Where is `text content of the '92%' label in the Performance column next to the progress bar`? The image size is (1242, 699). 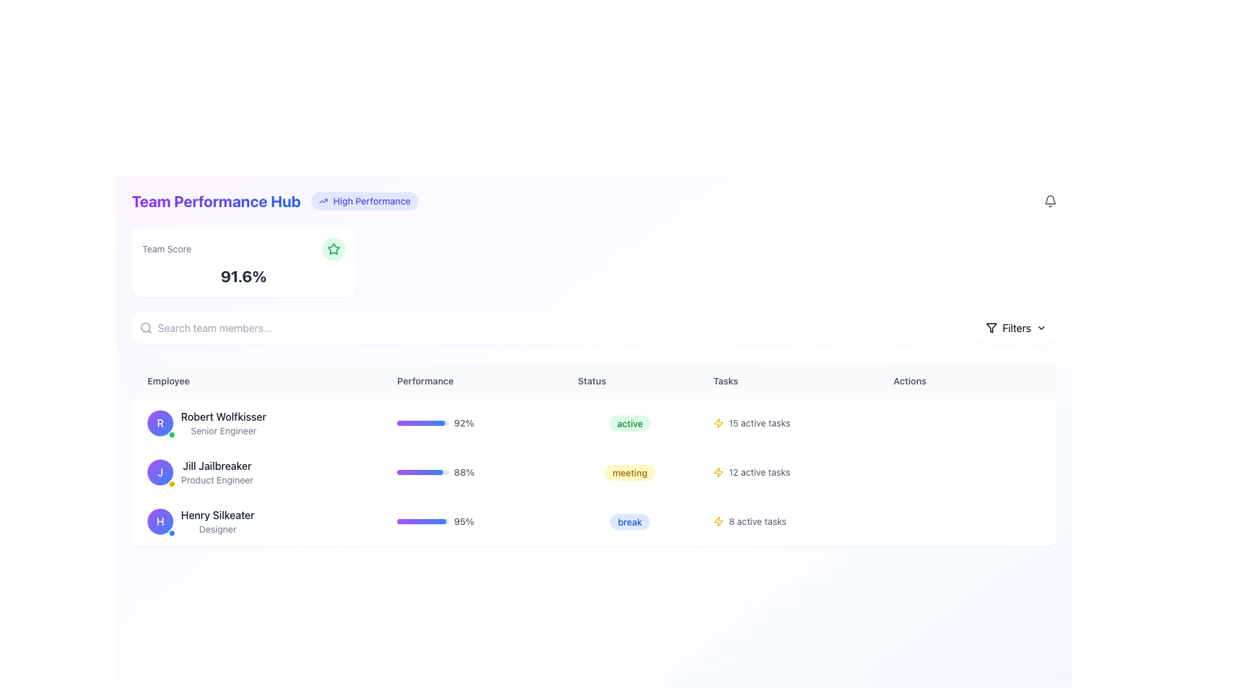
text content of the '92%' label in the Performance column next to the progress bar is located at coordinates (464, 423).